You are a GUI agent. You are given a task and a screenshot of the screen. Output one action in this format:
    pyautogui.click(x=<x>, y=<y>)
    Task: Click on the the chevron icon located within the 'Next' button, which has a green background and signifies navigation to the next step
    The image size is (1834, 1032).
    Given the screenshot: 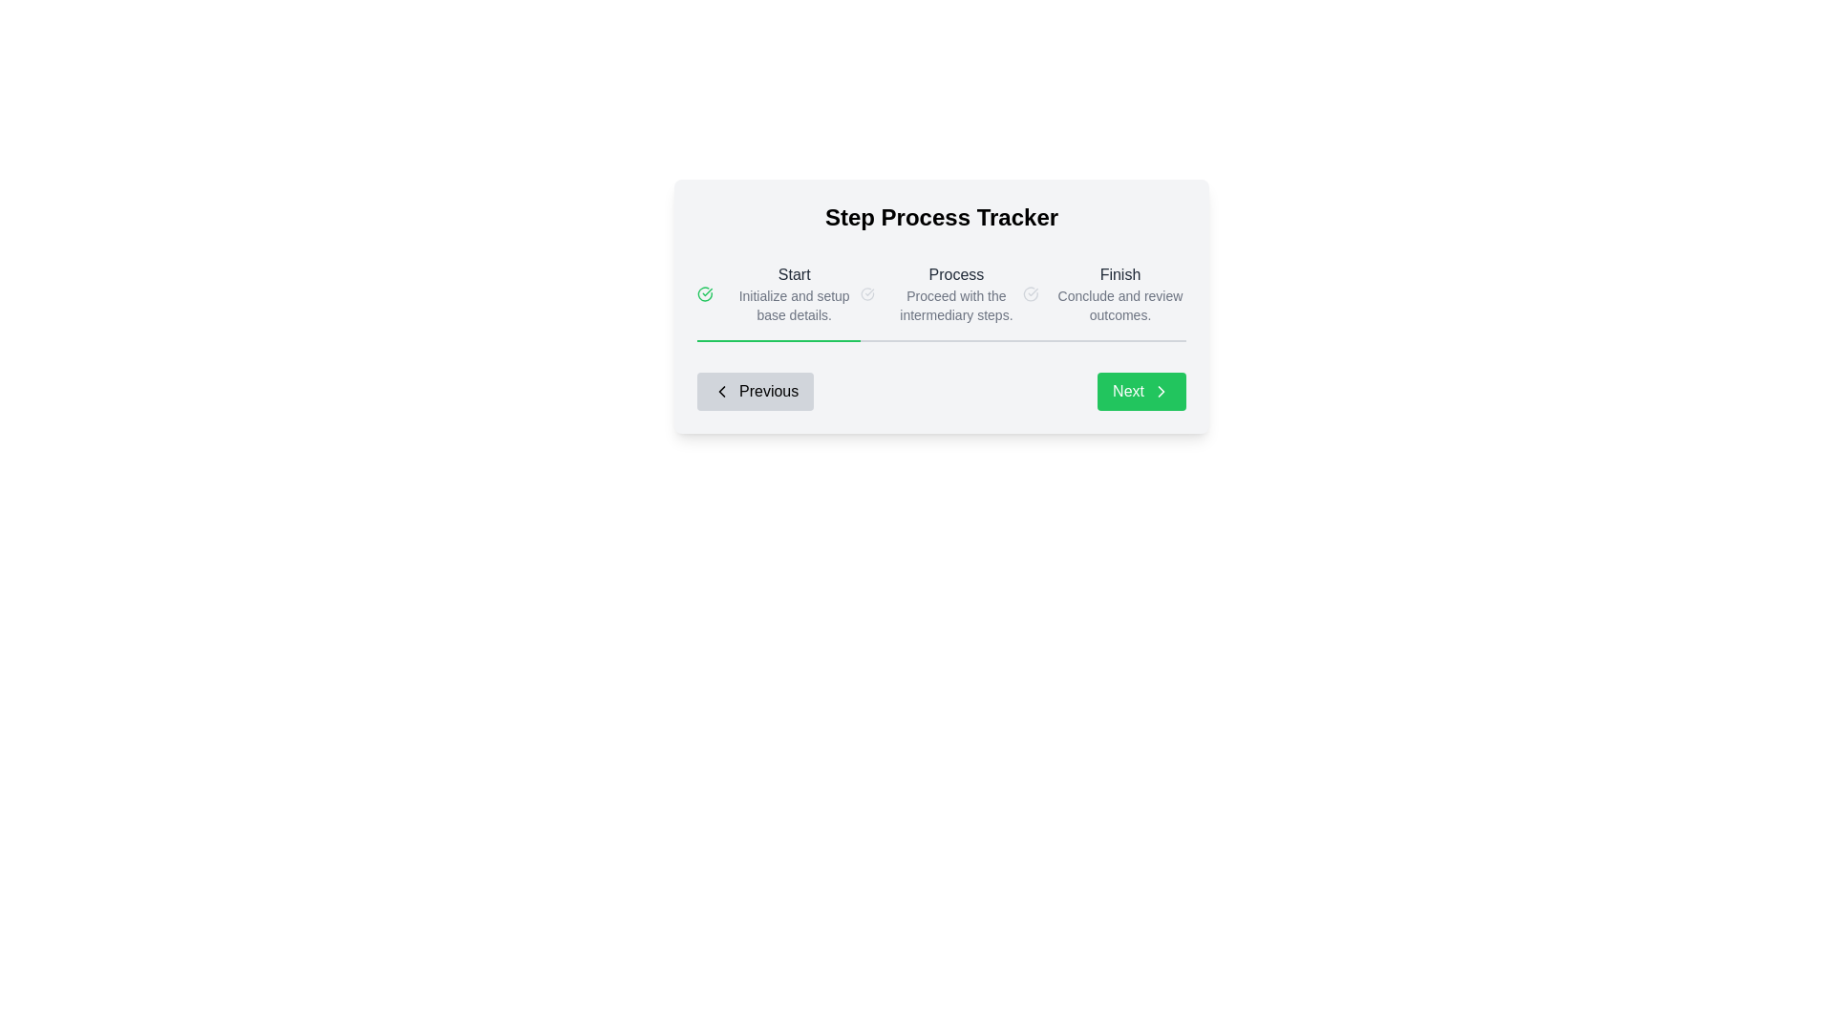 What is the action you would take?
    pyautogui.click(x=1160, y=390)
    